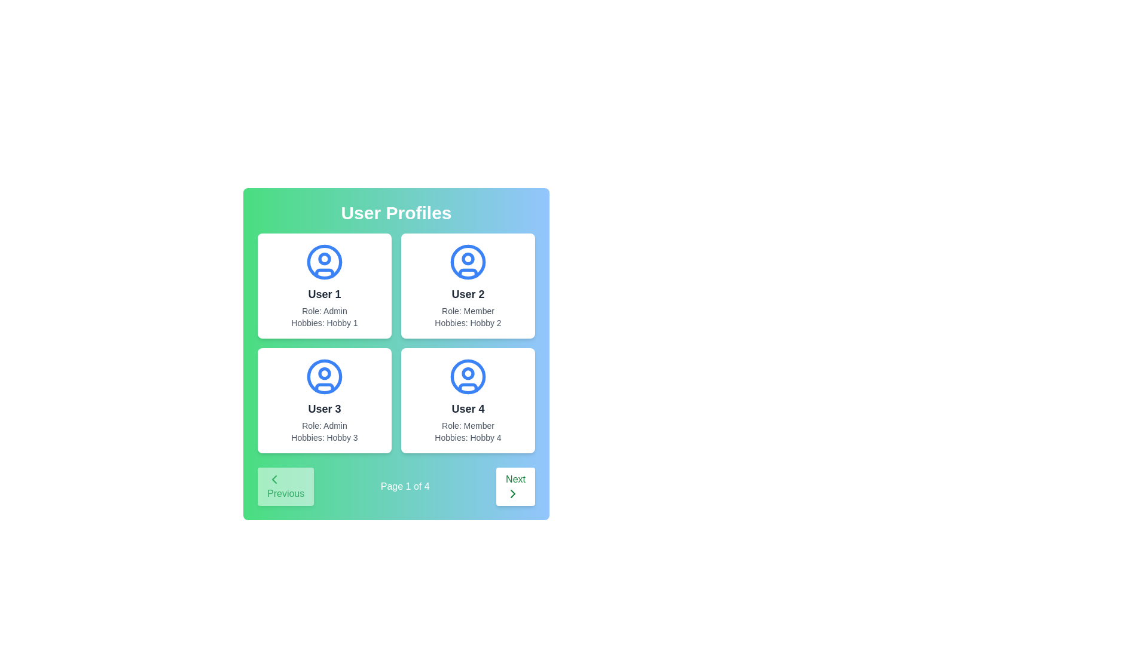  I want to click on the static text label representing the user's name in the fourth user profile card, located in the bottom-right of a 2x2 grid layout, so click(467, 408).